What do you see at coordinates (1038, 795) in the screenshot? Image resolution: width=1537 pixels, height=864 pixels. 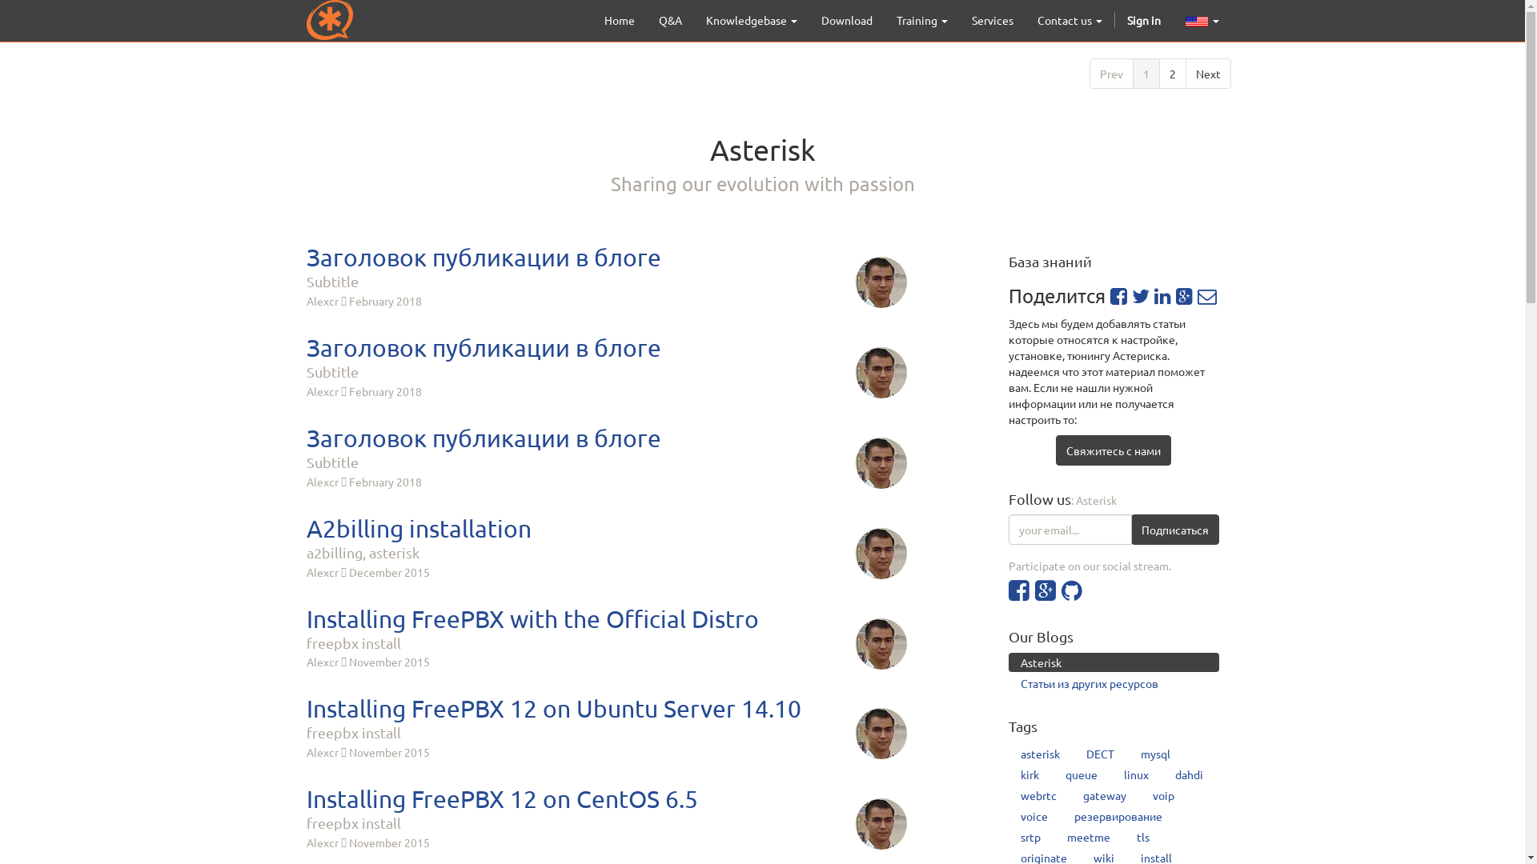 I see `'webrtc'` at bounding box center [1038, 795].